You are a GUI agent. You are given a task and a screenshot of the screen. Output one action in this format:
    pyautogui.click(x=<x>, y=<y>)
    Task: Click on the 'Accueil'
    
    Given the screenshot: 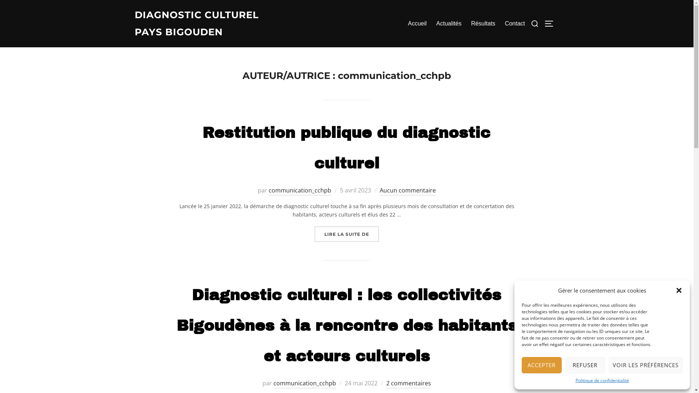 What is the action you would take?
    pyautogui.click(x=417, y=23)
    